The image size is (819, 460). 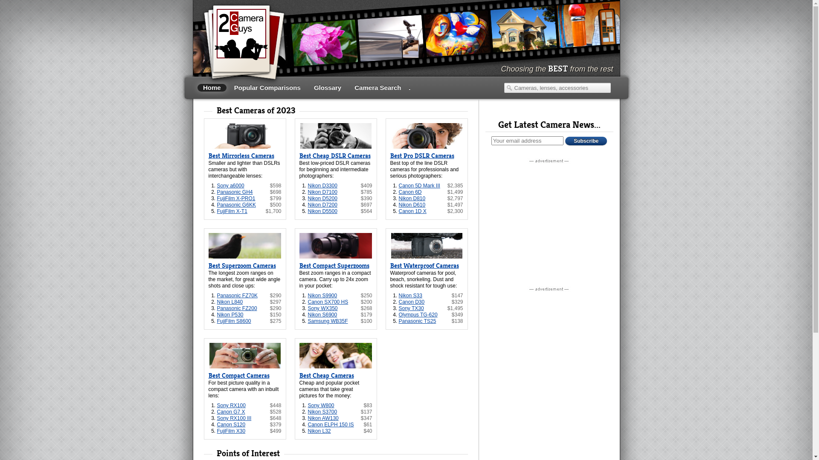 What do you see at coordinates (235, 192) in the screenshot?
I see `'Panasonic GH4'` at bounding box center [235, 192].